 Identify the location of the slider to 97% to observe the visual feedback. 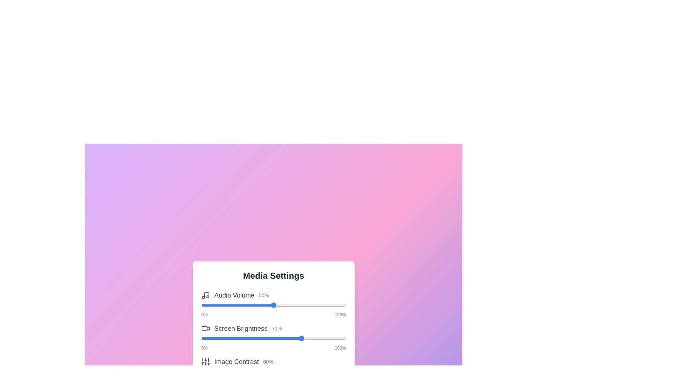
(341, 305).